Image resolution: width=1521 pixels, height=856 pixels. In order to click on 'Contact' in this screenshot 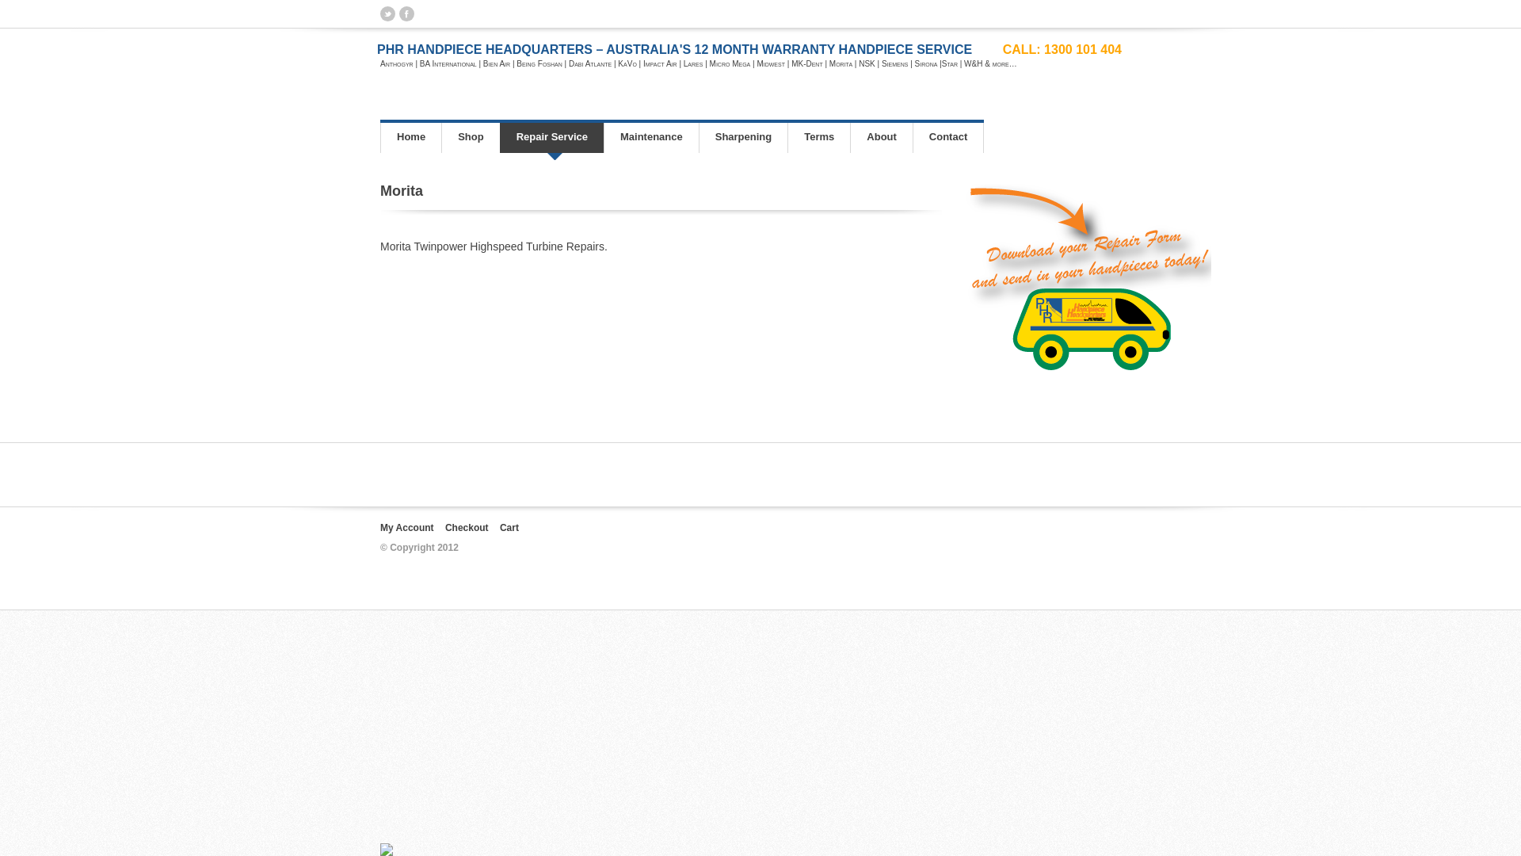, I will do `click(947, 136)`.